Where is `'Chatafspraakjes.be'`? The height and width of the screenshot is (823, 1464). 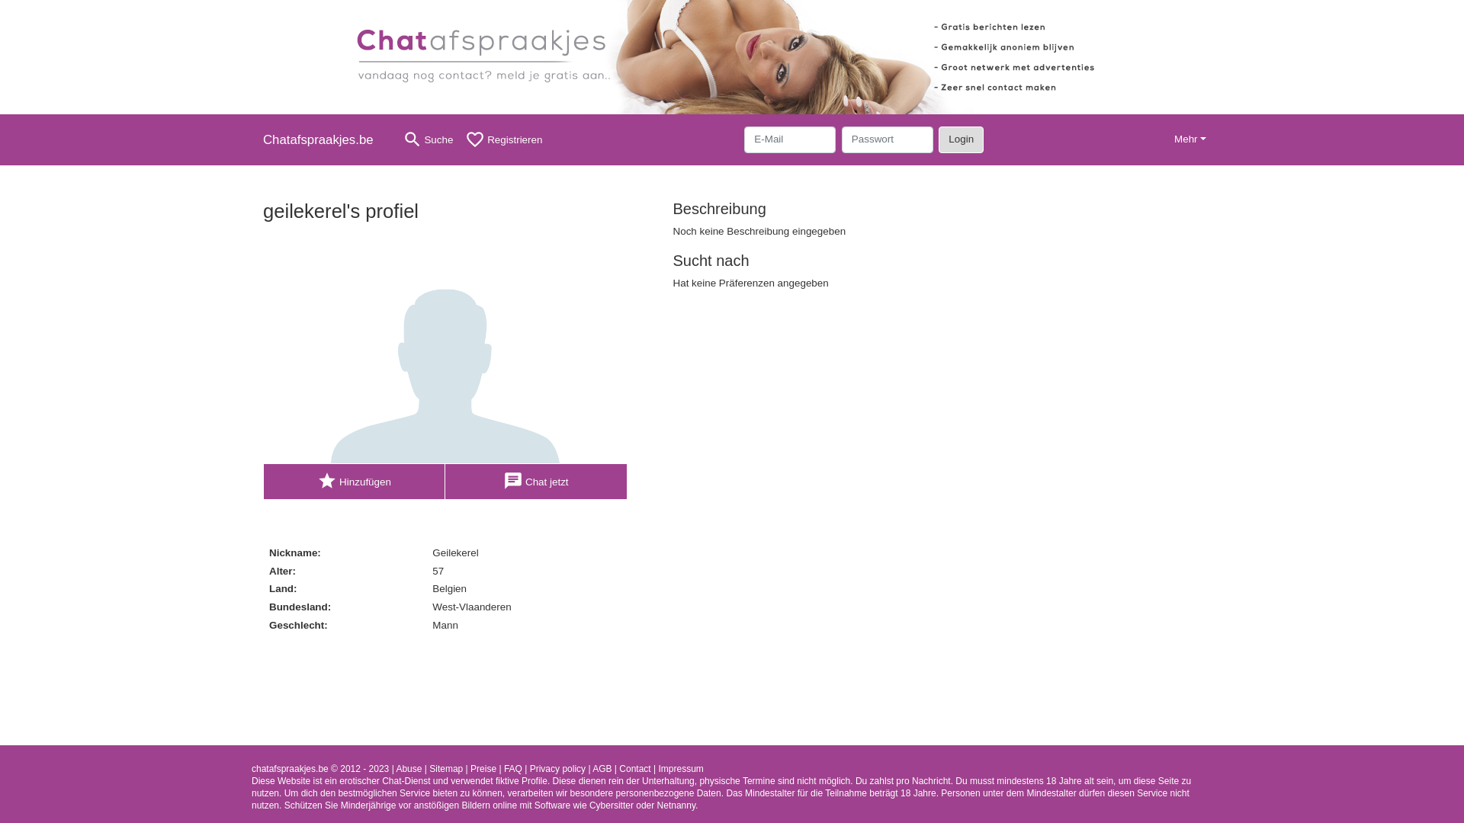 'Chatafspraakjes.be' is located at coordinates (323, 139).